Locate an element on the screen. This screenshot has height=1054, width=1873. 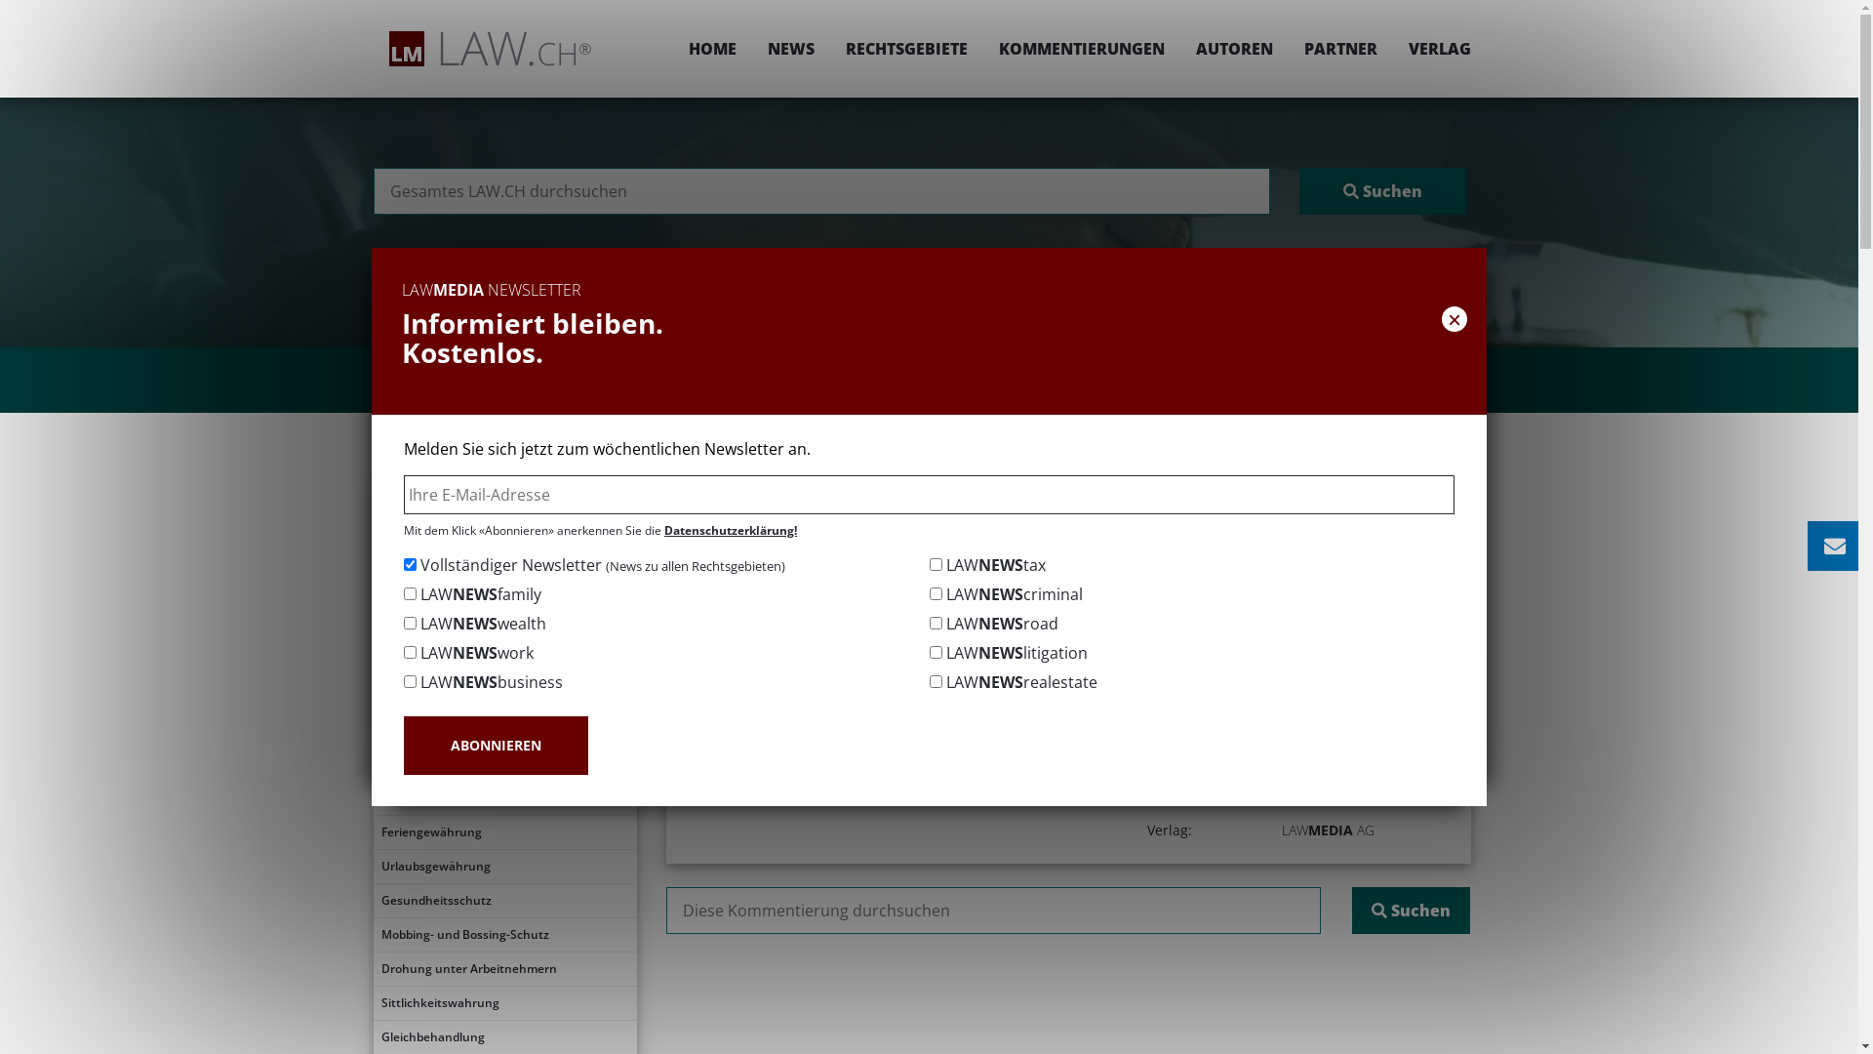
'Sittlichkeitswahrung' is located at coordinates (504, 1003).